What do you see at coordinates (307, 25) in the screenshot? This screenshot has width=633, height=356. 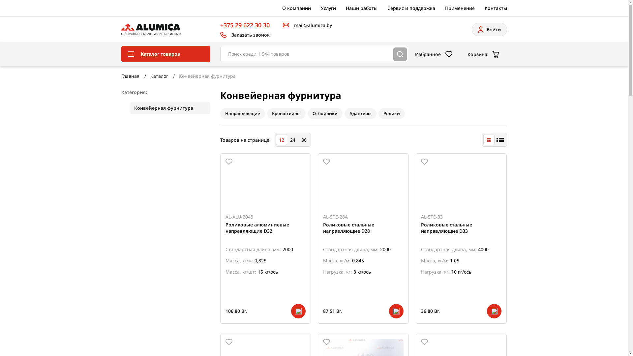 I see `'mail@alumica.by'` at bounding box center [307, 25].